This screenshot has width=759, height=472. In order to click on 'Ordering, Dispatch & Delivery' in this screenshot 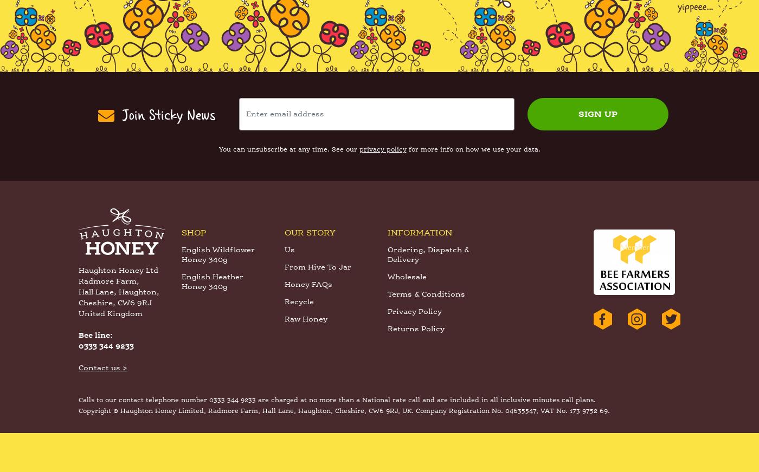, I will do `click(428, 294)`.